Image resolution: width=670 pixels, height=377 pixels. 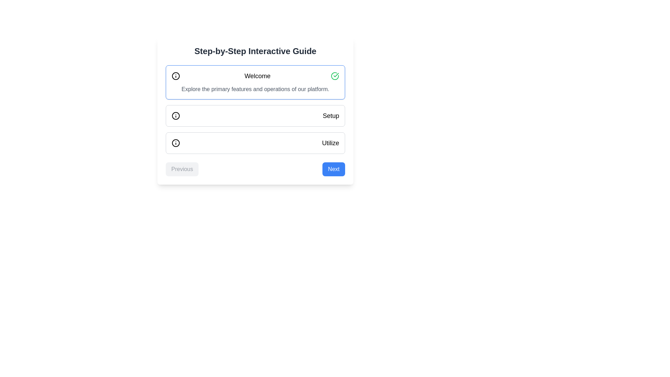 What do you see at coordinates (255, 115) in the screenshot?
I see `the 'Setup' button in the step-by-step guide interface` at bounding box center [255, 115].